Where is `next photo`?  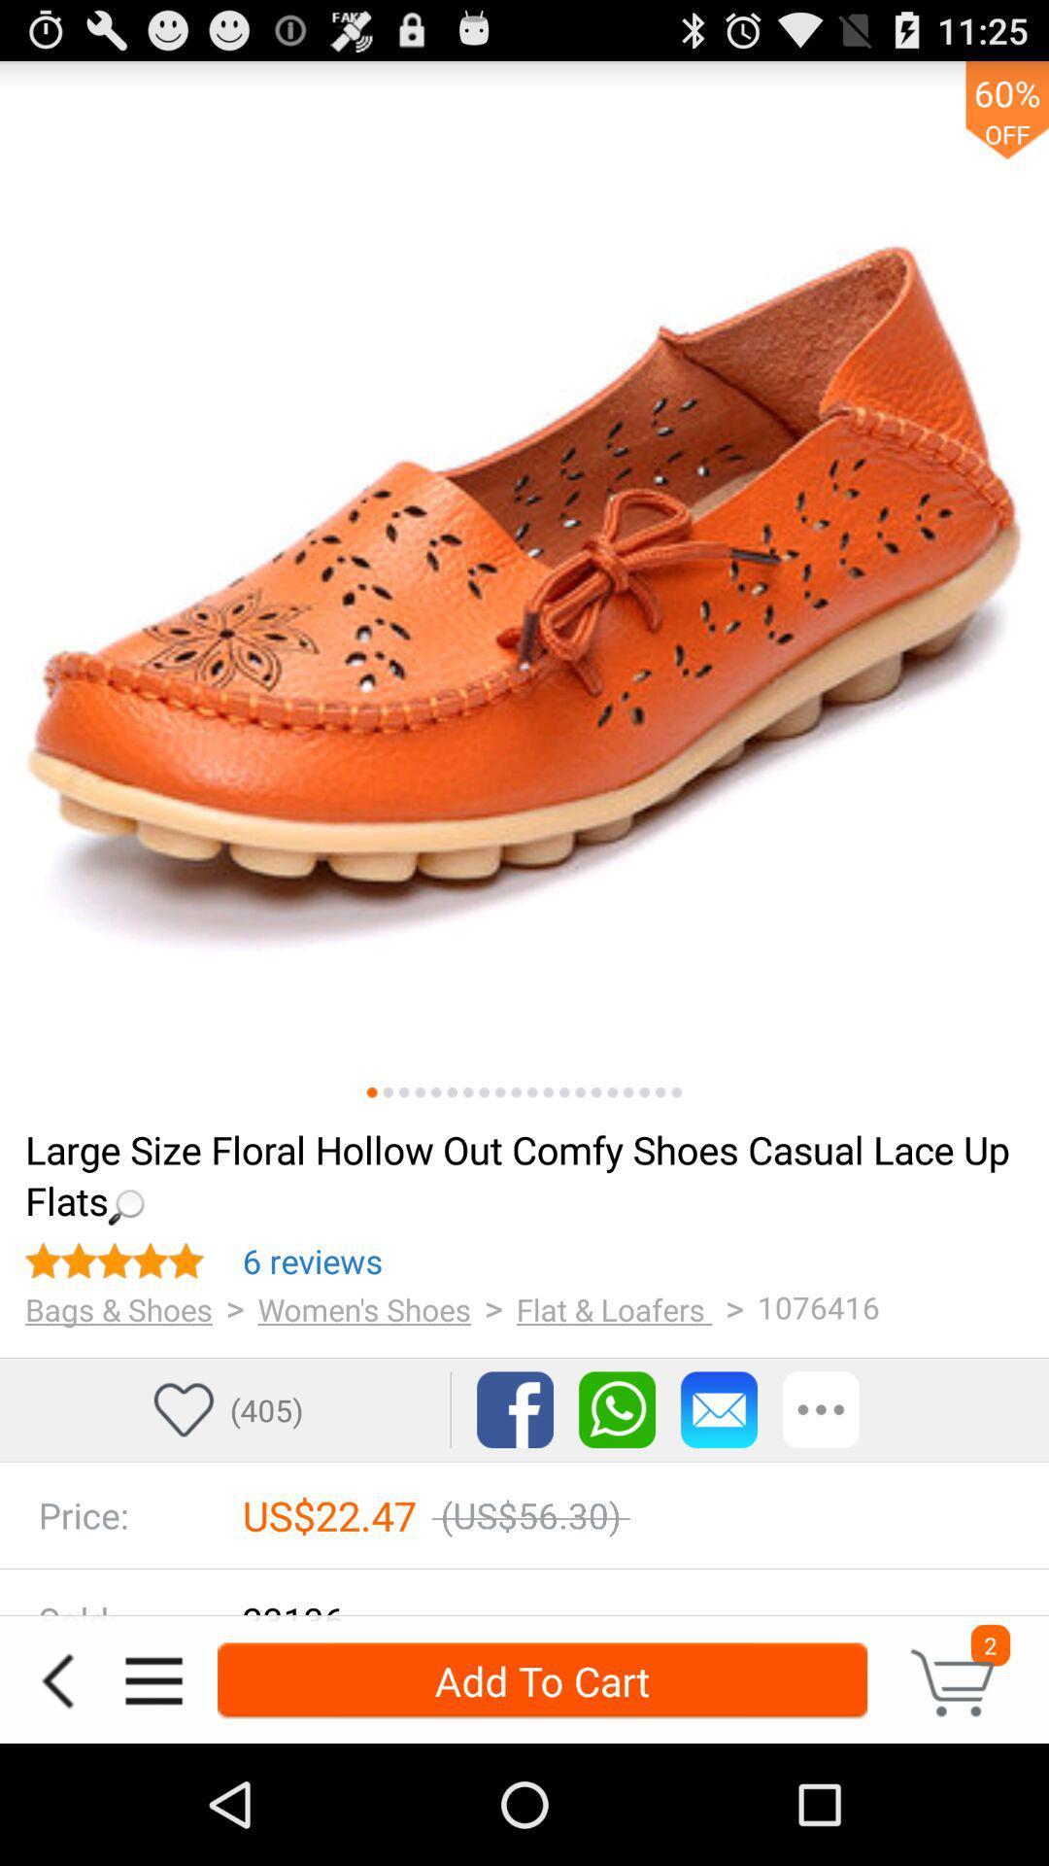
next photo is located at coordinates (435, 1092).